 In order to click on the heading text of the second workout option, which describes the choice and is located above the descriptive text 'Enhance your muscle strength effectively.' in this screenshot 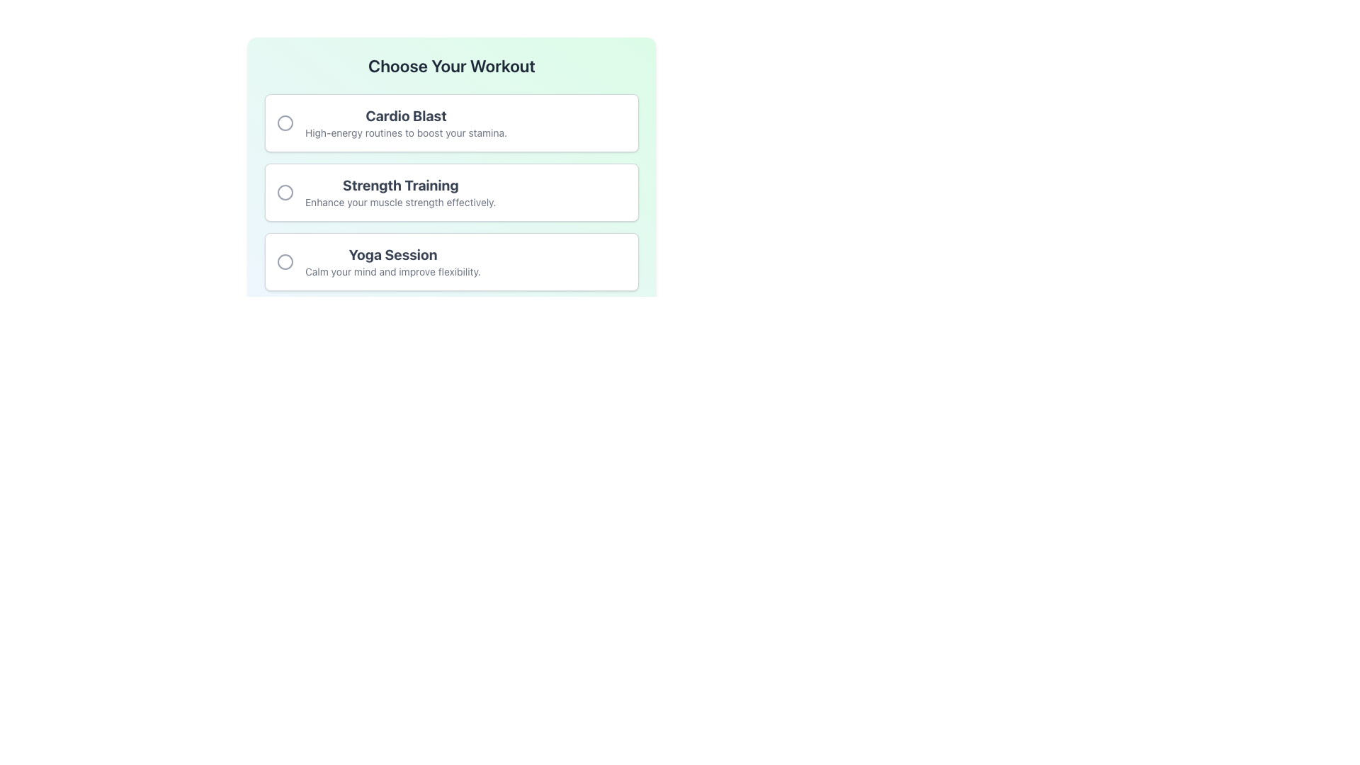, I will do `click(399, 185)`.